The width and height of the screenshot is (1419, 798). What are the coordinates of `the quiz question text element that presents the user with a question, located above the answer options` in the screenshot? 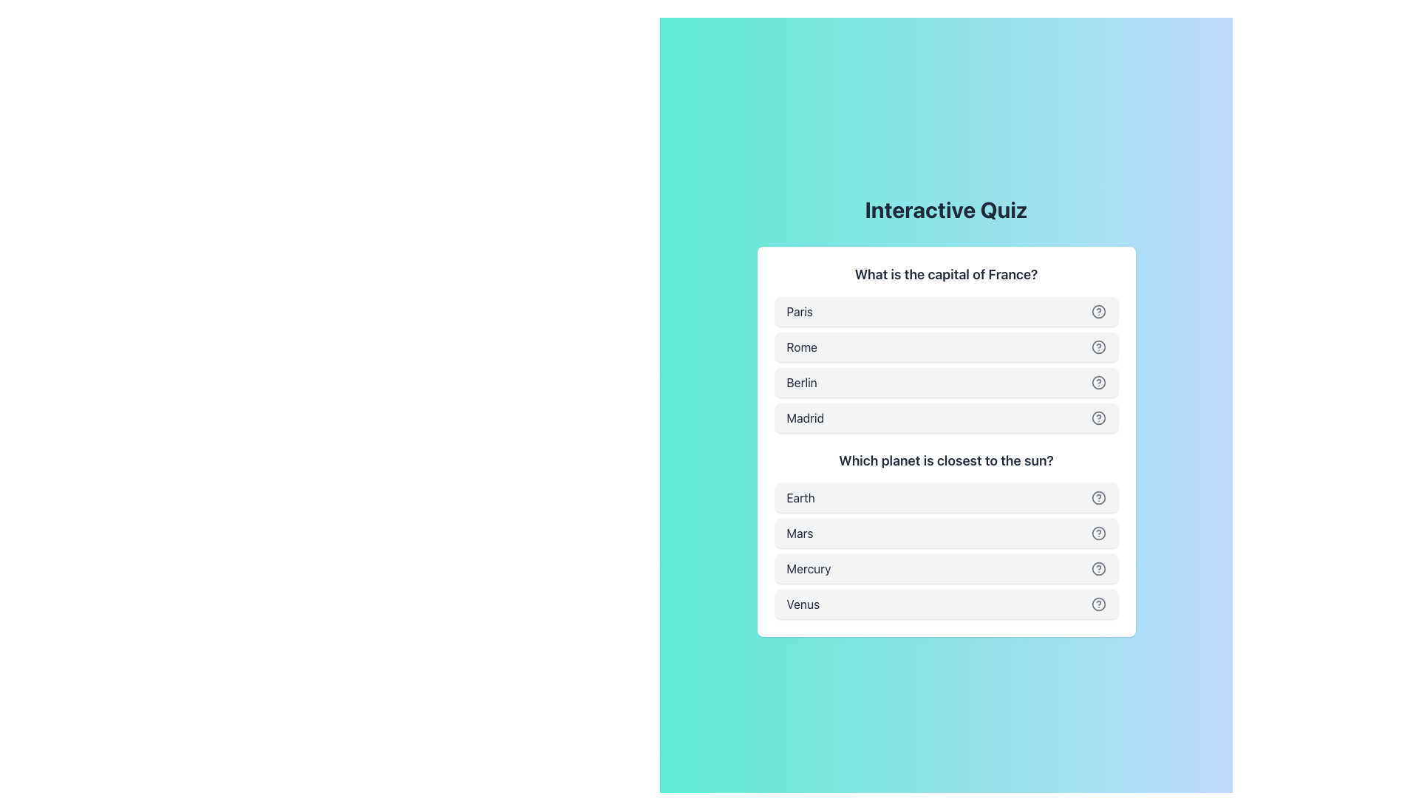 It's located at (946, 274).